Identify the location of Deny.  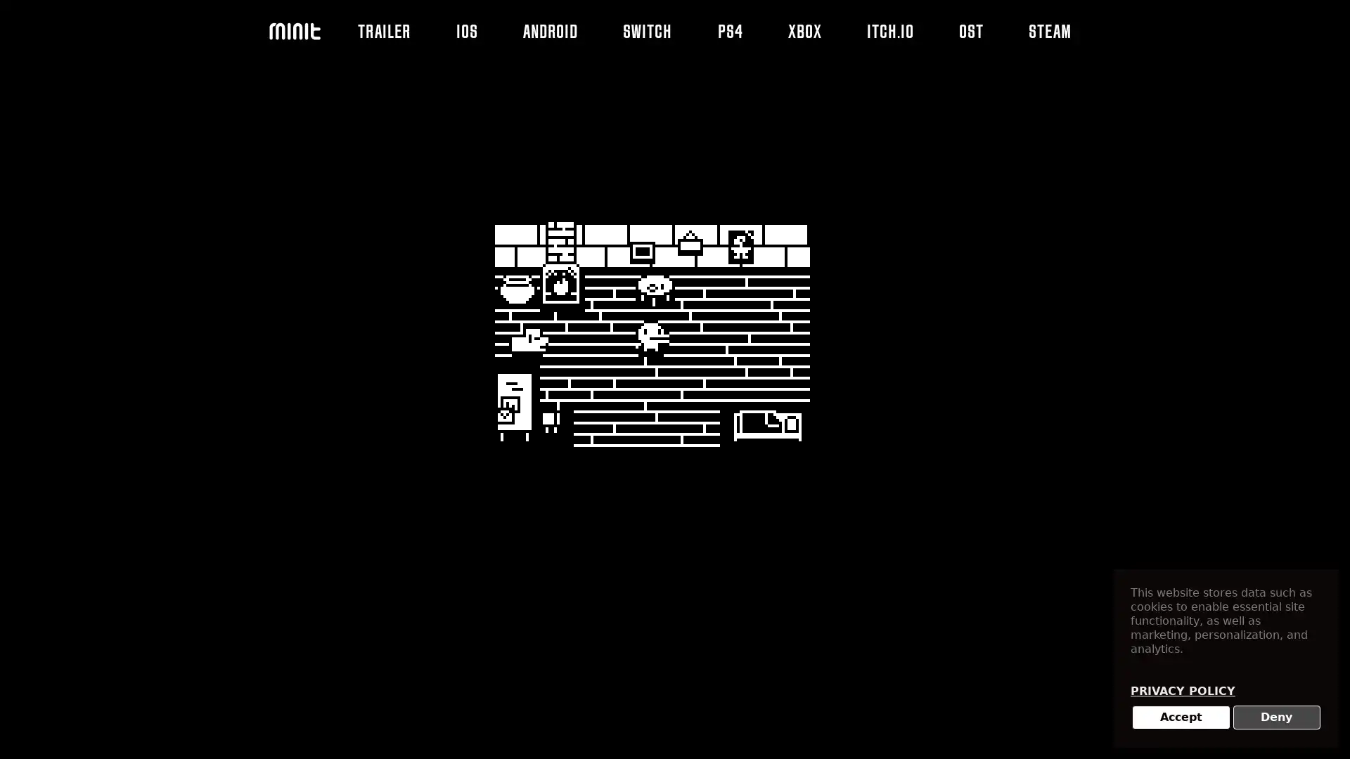
(1276, 718).